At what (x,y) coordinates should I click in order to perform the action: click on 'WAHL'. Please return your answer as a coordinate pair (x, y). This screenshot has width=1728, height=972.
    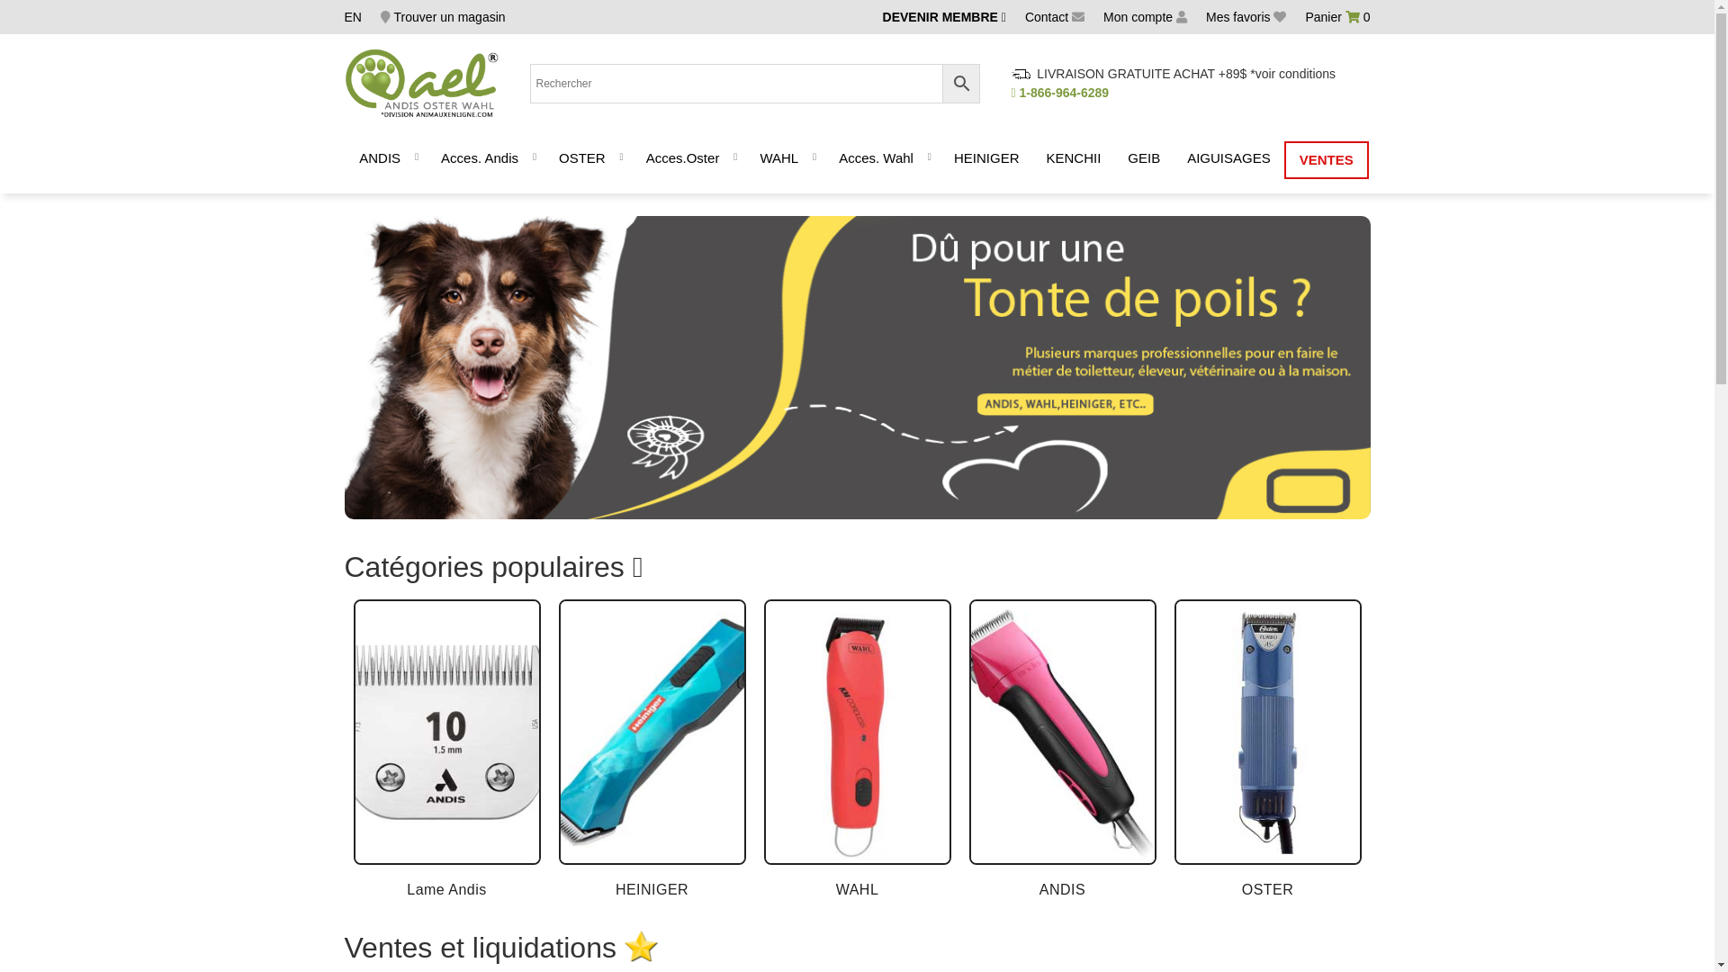
    Looking at the image, I should click on (778, 158).